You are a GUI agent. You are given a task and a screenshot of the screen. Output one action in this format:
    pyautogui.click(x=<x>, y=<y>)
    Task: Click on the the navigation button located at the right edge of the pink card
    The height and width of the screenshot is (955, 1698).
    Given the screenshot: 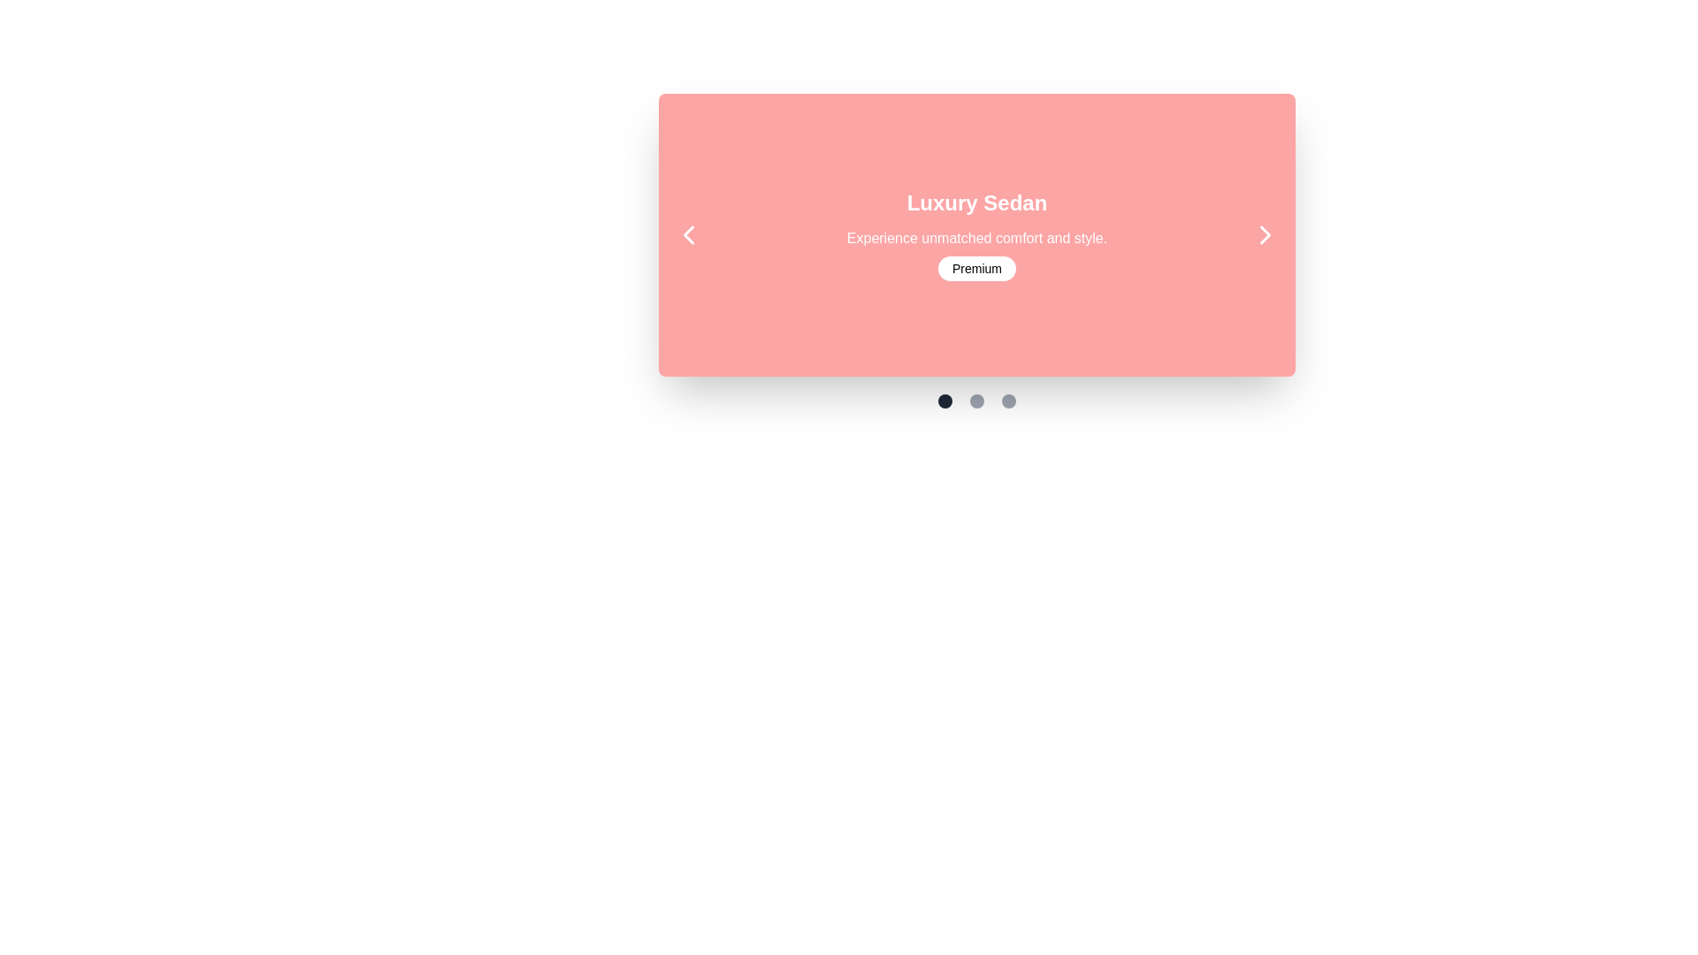 What is the action you would take?
    pyautogui.click(x=1264, y=234)
    